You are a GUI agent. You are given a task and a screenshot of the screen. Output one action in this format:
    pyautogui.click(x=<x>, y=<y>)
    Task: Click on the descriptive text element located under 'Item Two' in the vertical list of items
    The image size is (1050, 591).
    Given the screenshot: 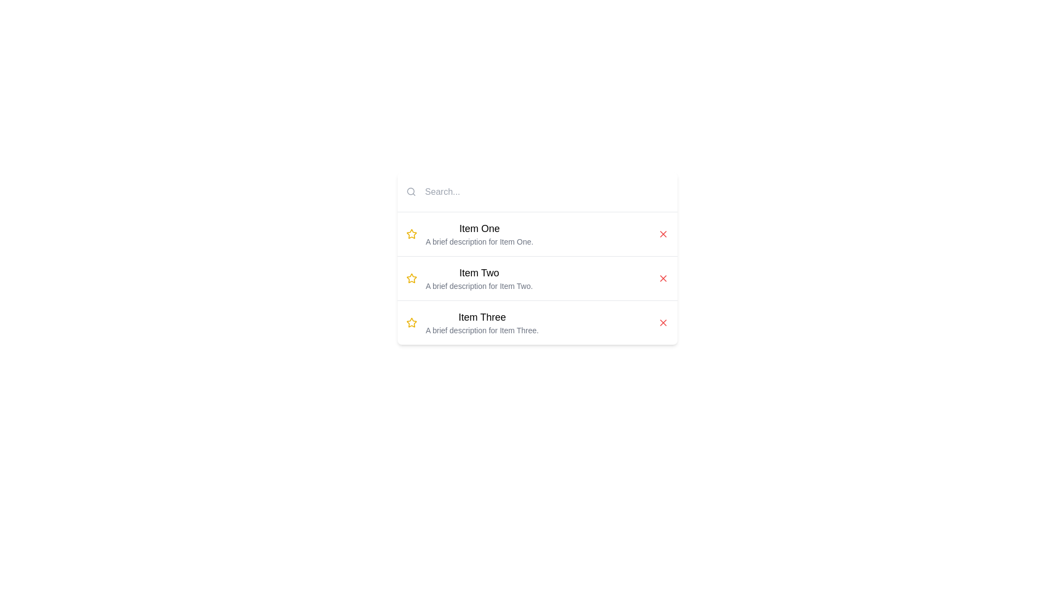 What is the action you would take?
    pyautogui.click(x=479, y=286)
    